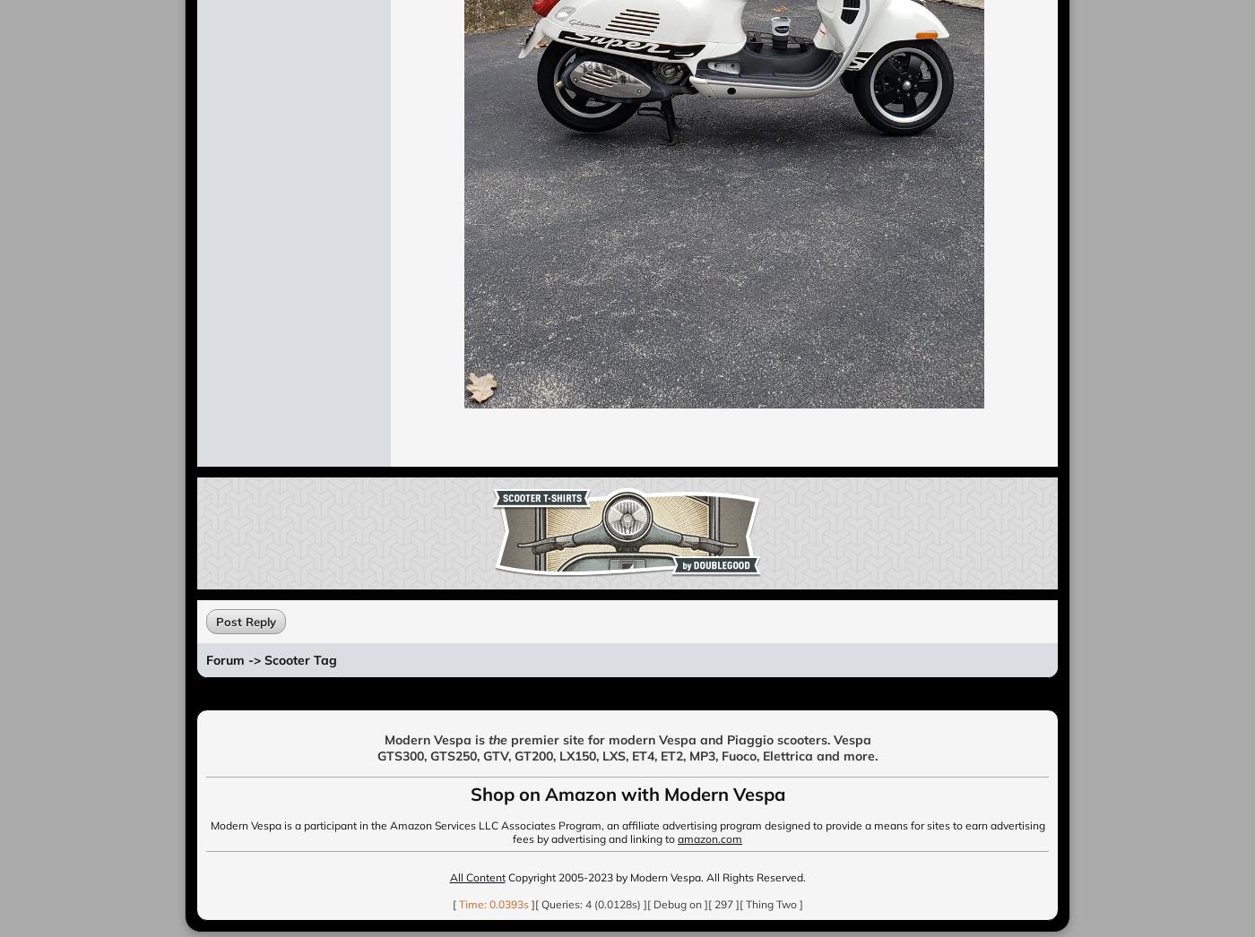 This screenshot has width=1255, height=937. What do you see at coordinates (454, 904) in the screenshot?
I see `'['` at bounding box center [454, 904].